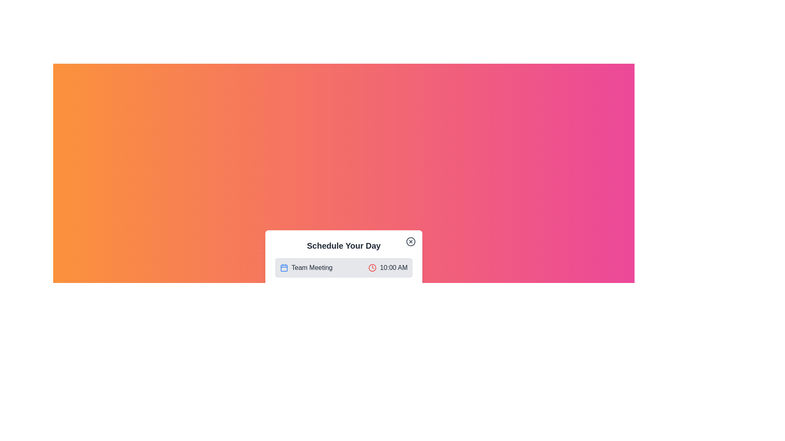 Image resolution: width=785 pixels, height=441 pixels. I want to click on the clock icon representing time located on the right side of the horizontal row in the 'Schedule Your Day' pop-up component, so click(372, 267).